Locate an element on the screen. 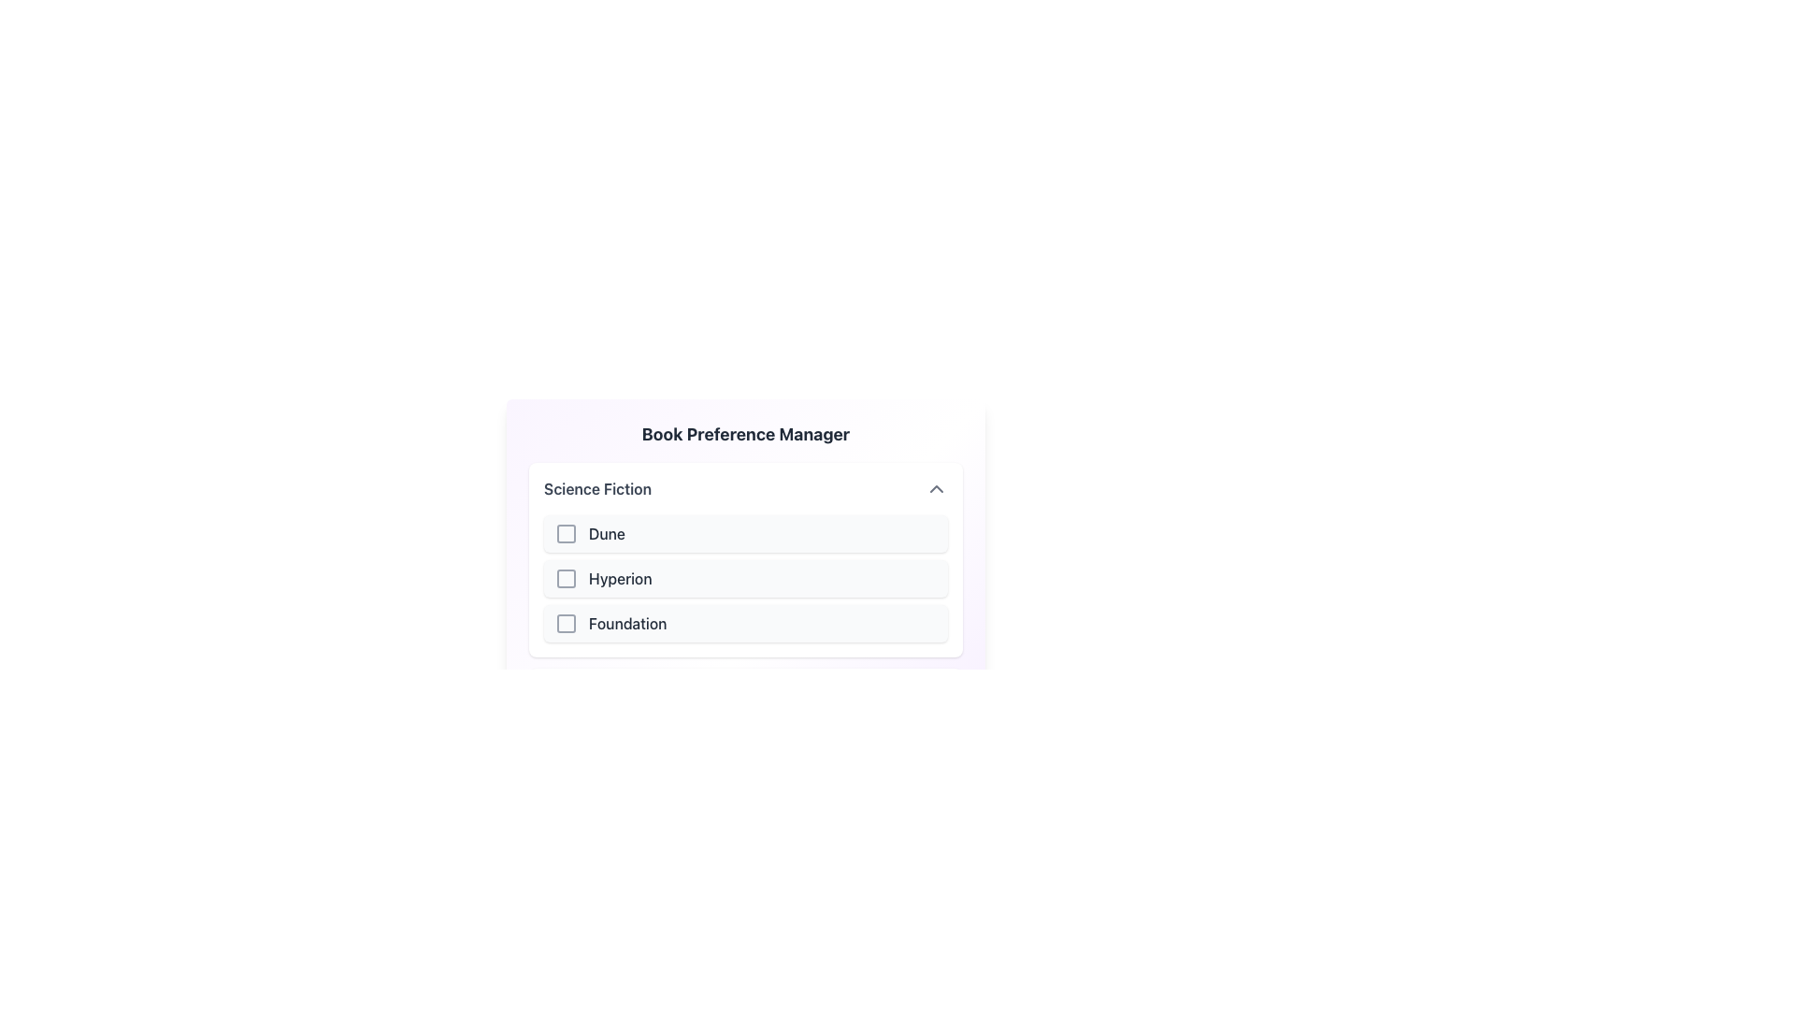  keyboard navigation is located at coordinates (744, 577).